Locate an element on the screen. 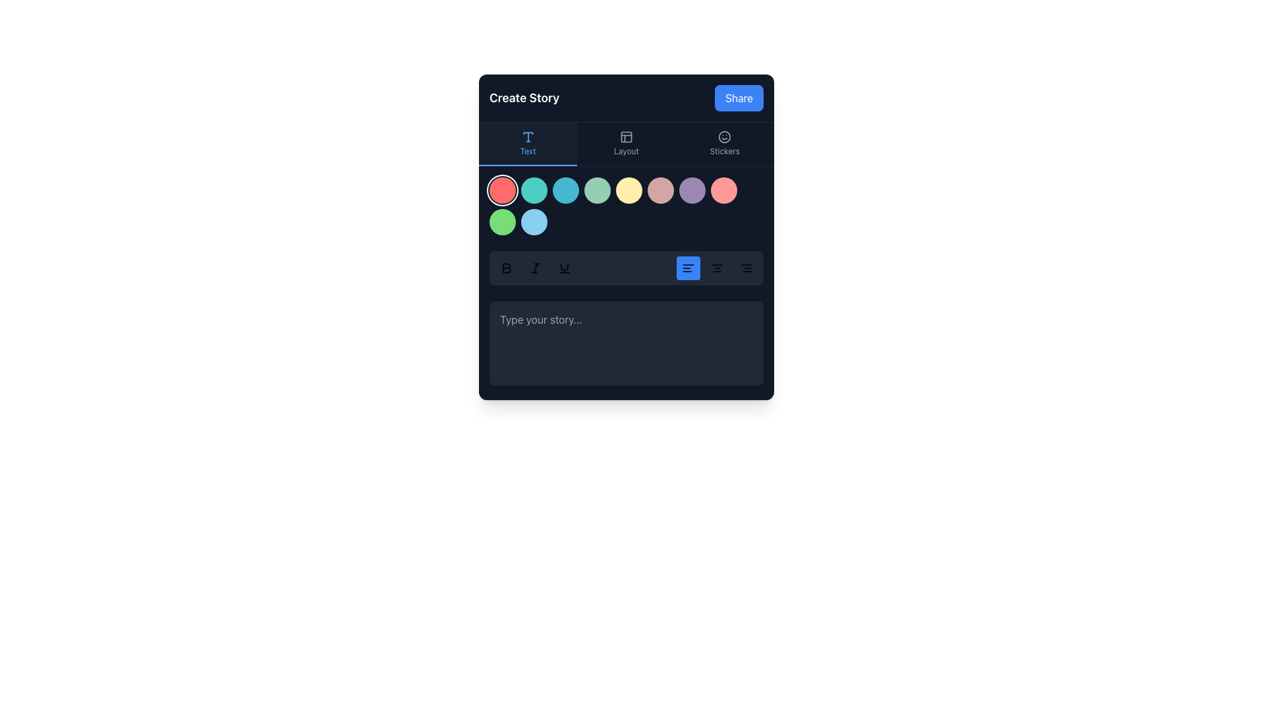 The width and height of the screenshot is (1265, 712). the first icon in the 'Text' tab is located at coordinates (528, 137).